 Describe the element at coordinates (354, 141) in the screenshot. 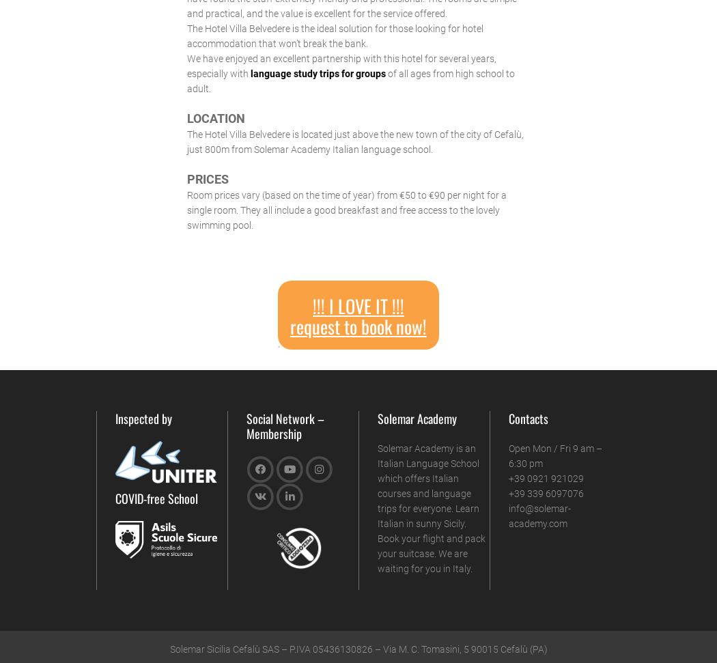

I see `'The Hotel Villa Belvedere is located just above the new town of the city of Cefalù, just 800m from Solemar Academy Italian language school.'` at that location.